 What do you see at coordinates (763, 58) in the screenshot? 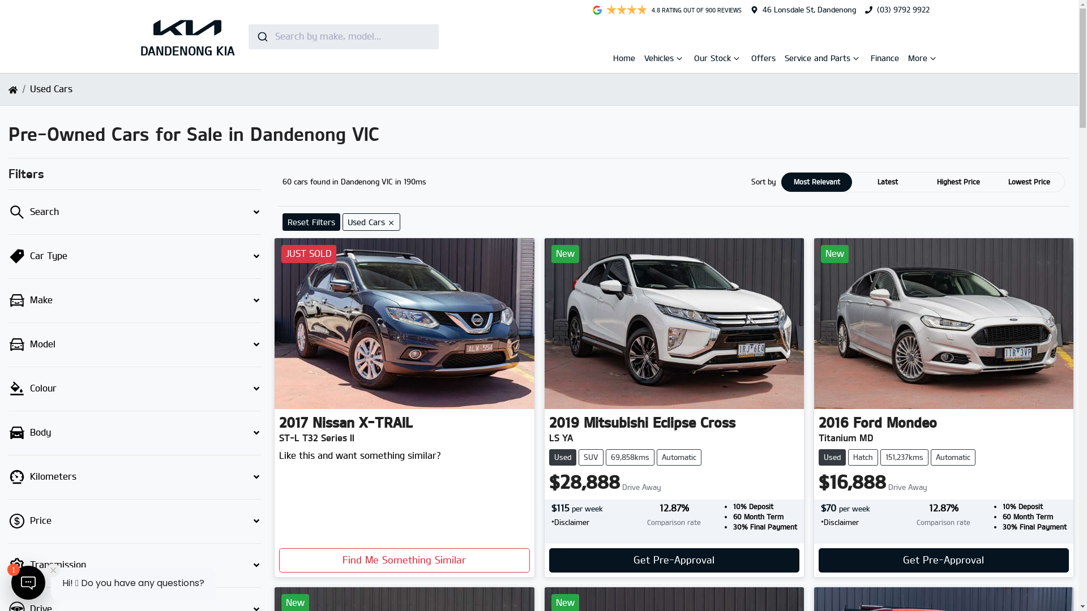
I see `'Offers'` at bounding box center [763, 58].